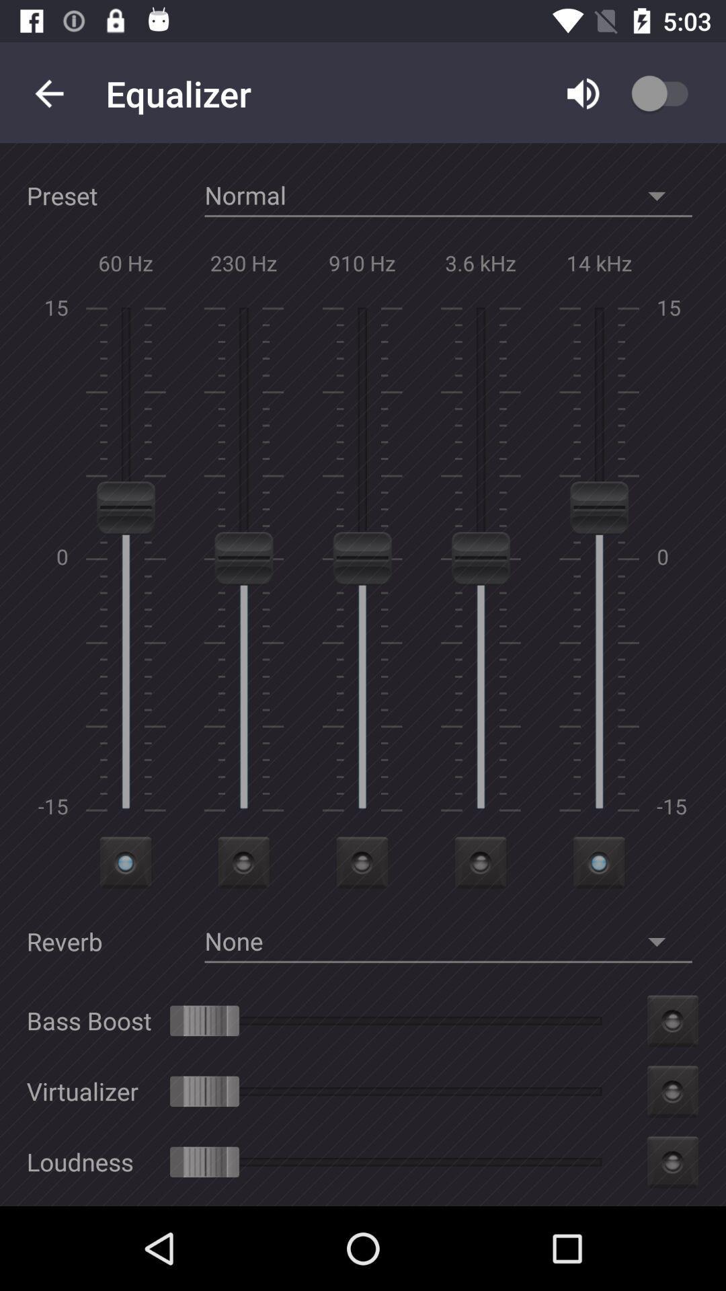 This screenshot has height=1291, width=726. I want to click on the icon next to volume button, so click(676, 93).